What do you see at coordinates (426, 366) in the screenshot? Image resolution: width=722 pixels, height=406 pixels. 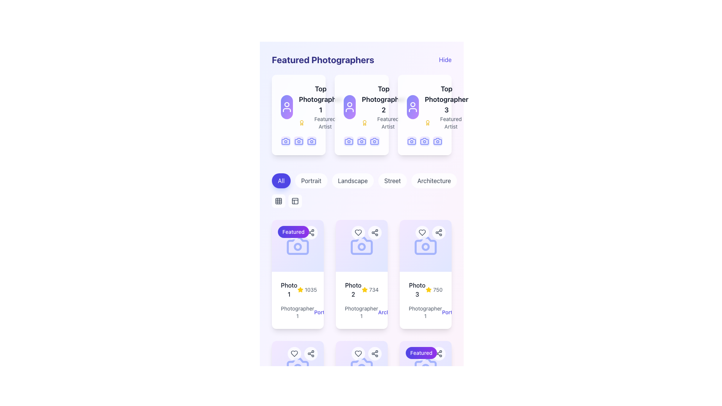 I see `the decorative camera SVG icon located in the bottom-right corner under the 'Photo 3' card, within the featured section` at bounding box center [426, 366].